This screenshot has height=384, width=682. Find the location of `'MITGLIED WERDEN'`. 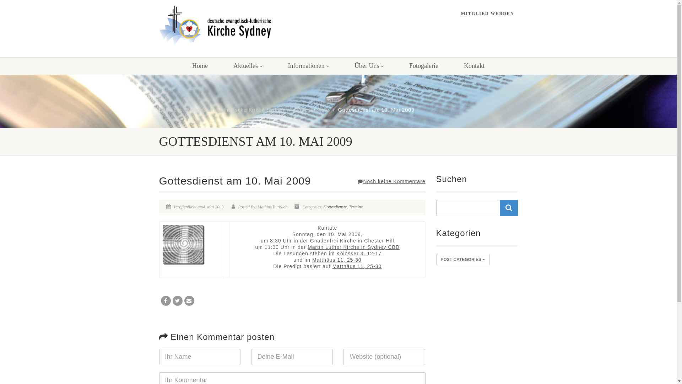

'MITGLIED WERDEN' is located at coordinates (487, 14).